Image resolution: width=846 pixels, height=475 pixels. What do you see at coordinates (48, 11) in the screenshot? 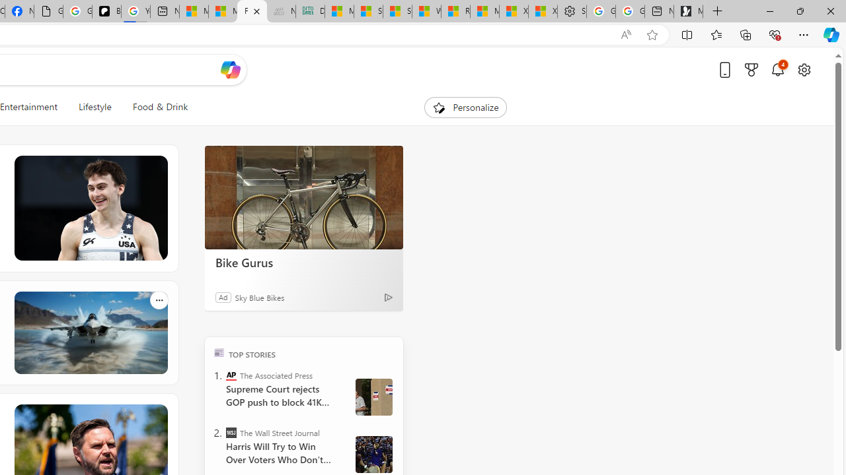
I see `'Google Analytics Opt-out Browser Add-on Download Page'` at bounding box center [48, 11].